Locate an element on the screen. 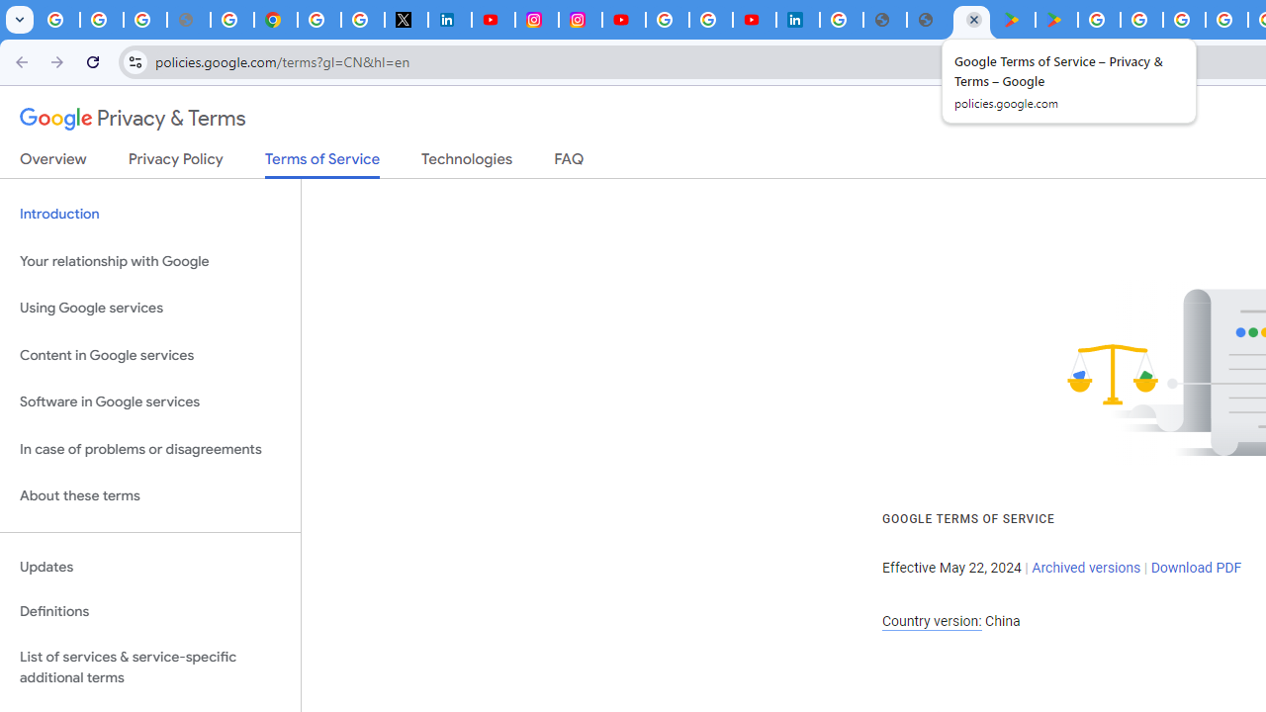 The image size is (1266, 712). 'Terms of Service' is located at coordinates (322, 163).